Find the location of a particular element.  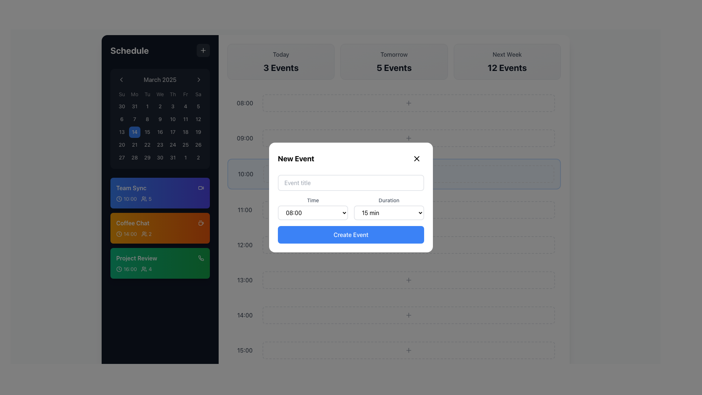

the button representing the selectable day (17th) in the calendar view of the scheduling application is located at coordinates (172, 132).